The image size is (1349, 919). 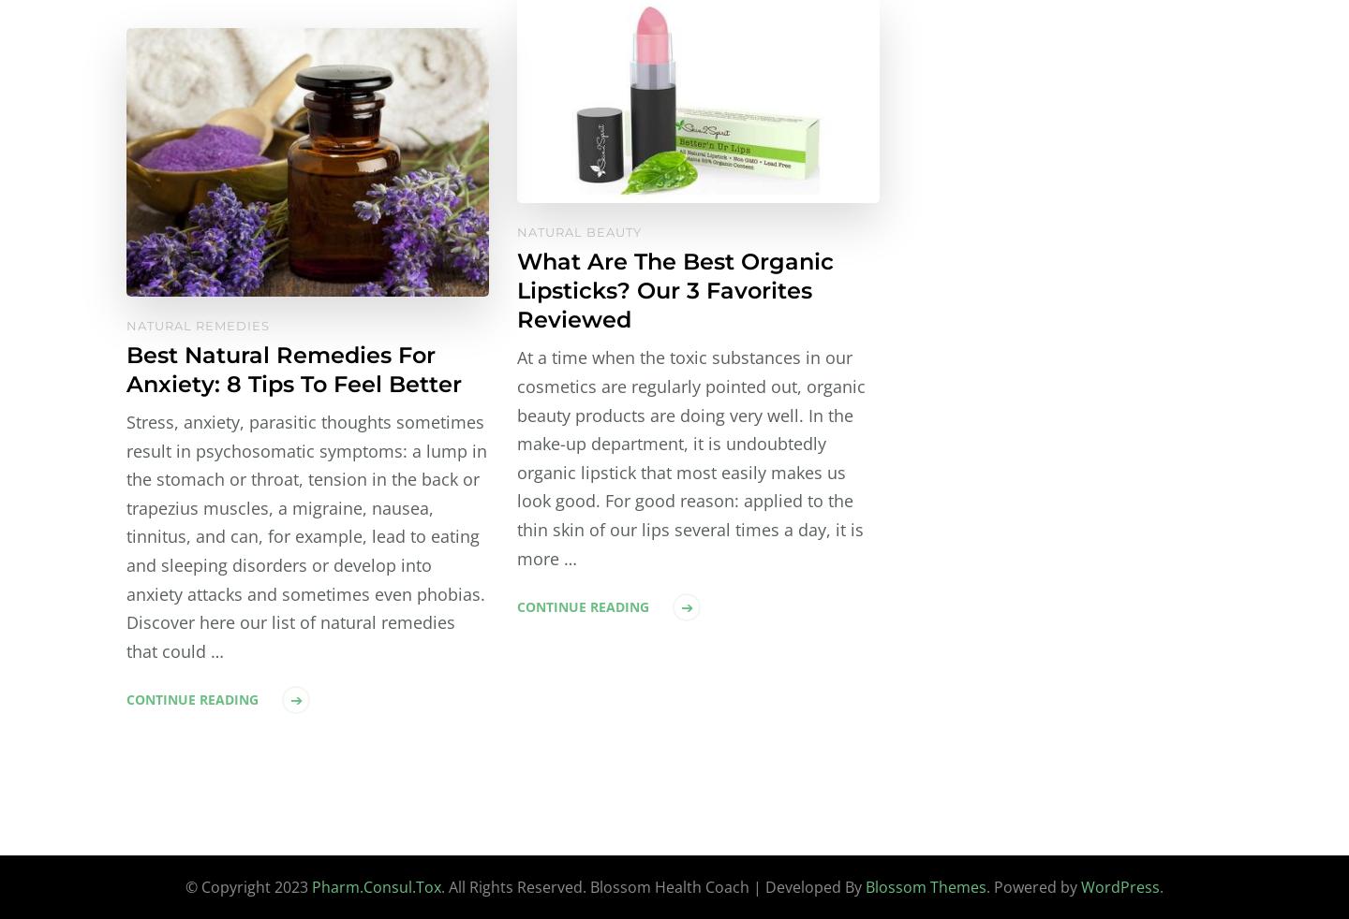 I want to click on 'Stress, anxiety, parasitic thoughts sometimes result in psychosomatic symptoms: a lump in the stomach or throat, tension in the back or trapezius muscles, a migraine, nausea, tinnitus, and can, for example, lead to eating and sleeping disorders or develop into anxiety attacks and sometimes even phobias. Discover here our list of natural remedies that could …', so click(x=306, y=534).